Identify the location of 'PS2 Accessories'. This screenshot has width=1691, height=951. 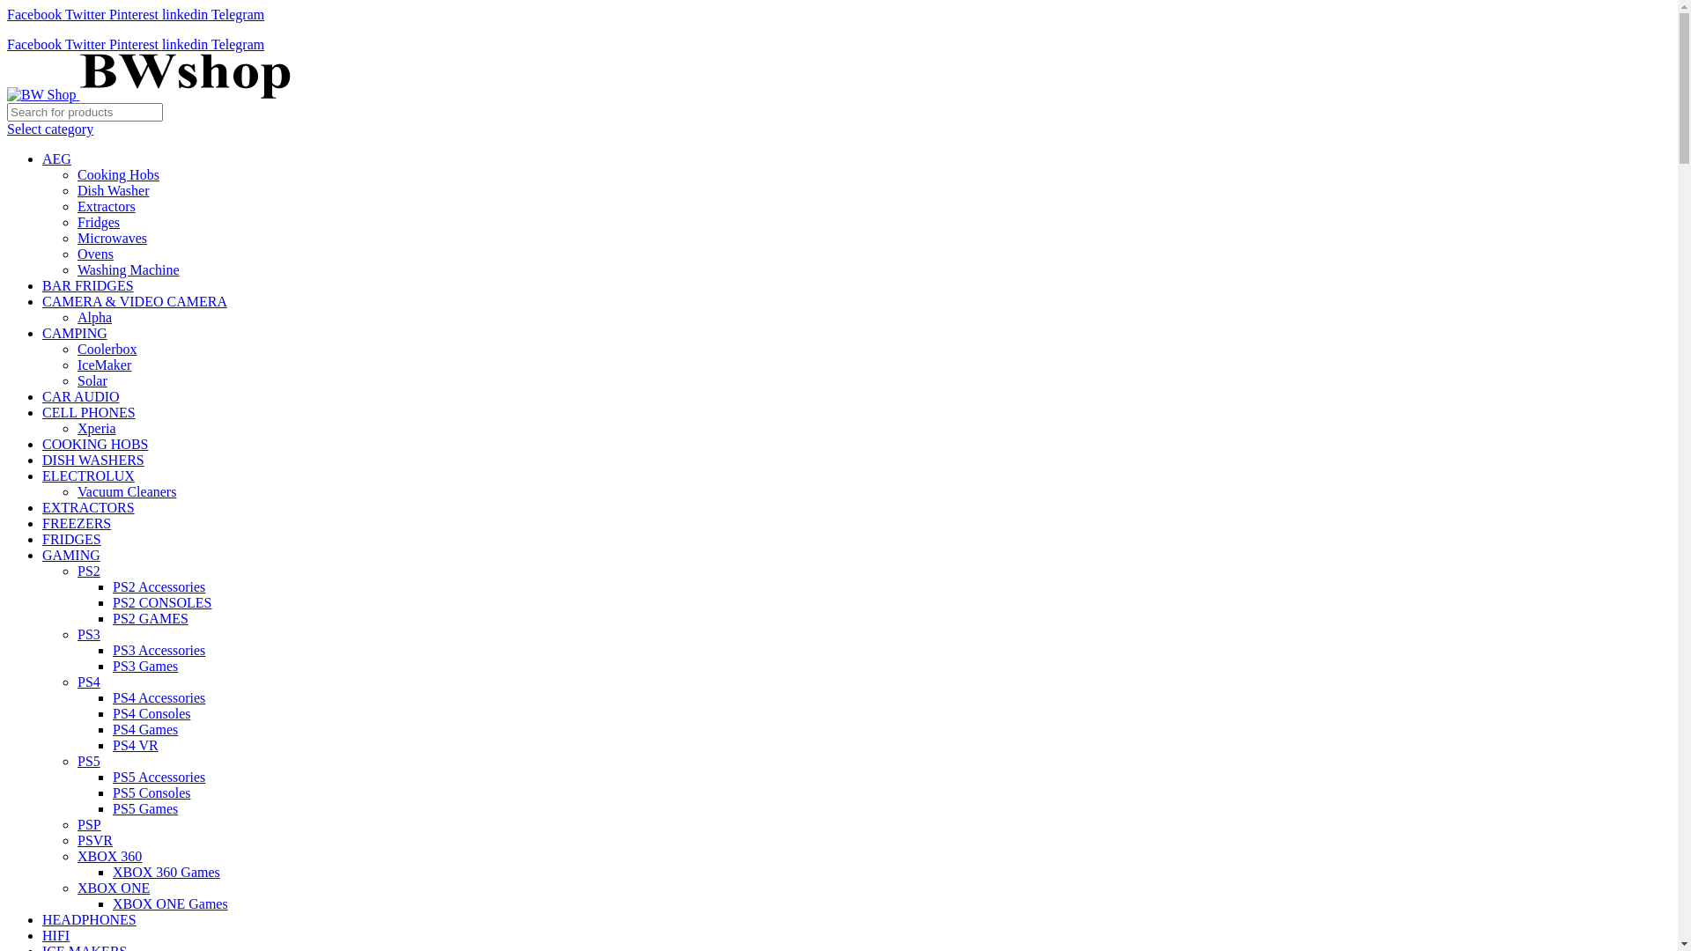
(159, 586).